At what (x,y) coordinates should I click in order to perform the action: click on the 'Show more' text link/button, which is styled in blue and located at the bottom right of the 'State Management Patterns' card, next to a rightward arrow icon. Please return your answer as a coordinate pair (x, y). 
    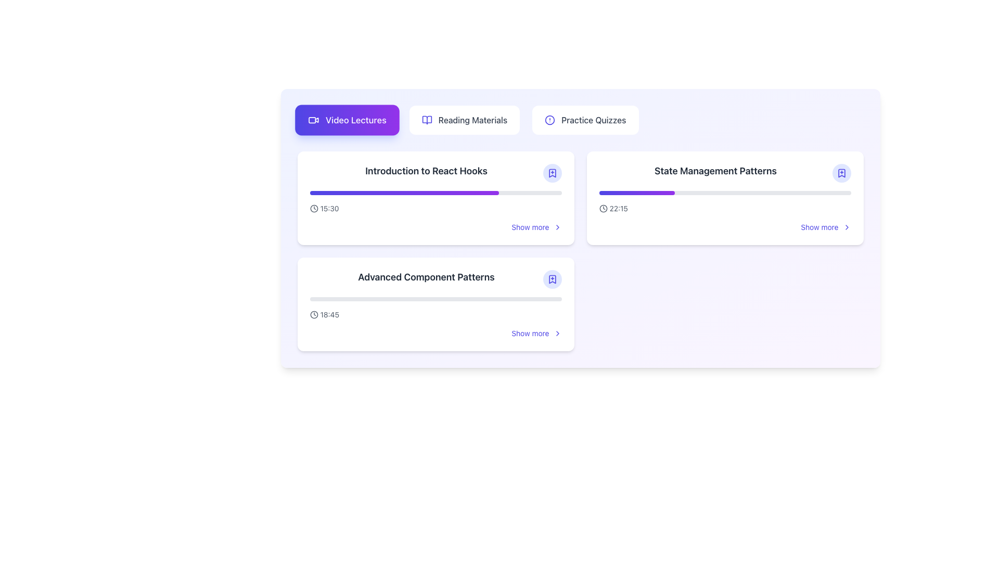
    Looking at the image, I should click on (819, 226).